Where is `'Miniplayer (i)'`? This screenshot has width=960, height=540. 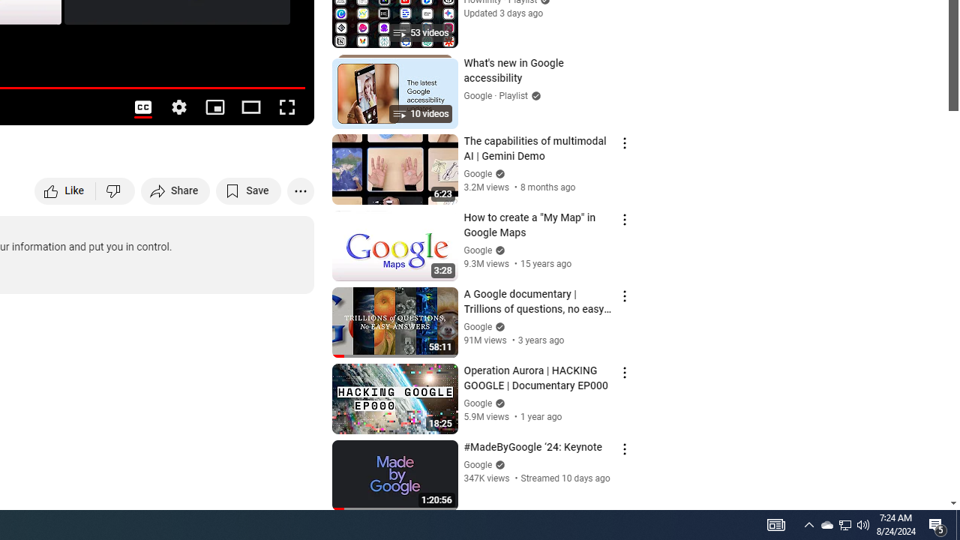
'Miniplayer (i)' is located at coordinates (214, 106).